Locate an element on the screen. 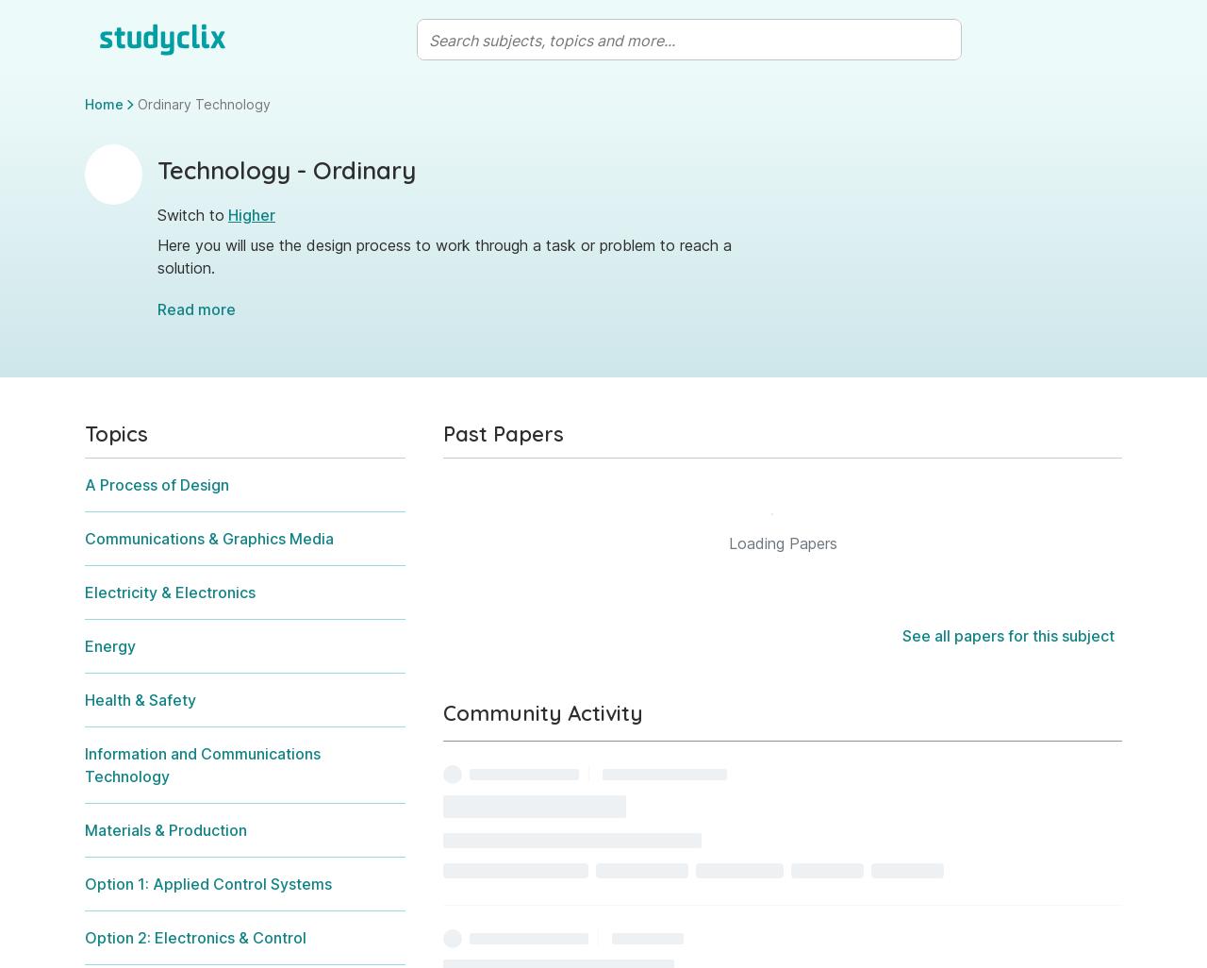  'Studyclix for Schools' is located at coordinates (441, 715).